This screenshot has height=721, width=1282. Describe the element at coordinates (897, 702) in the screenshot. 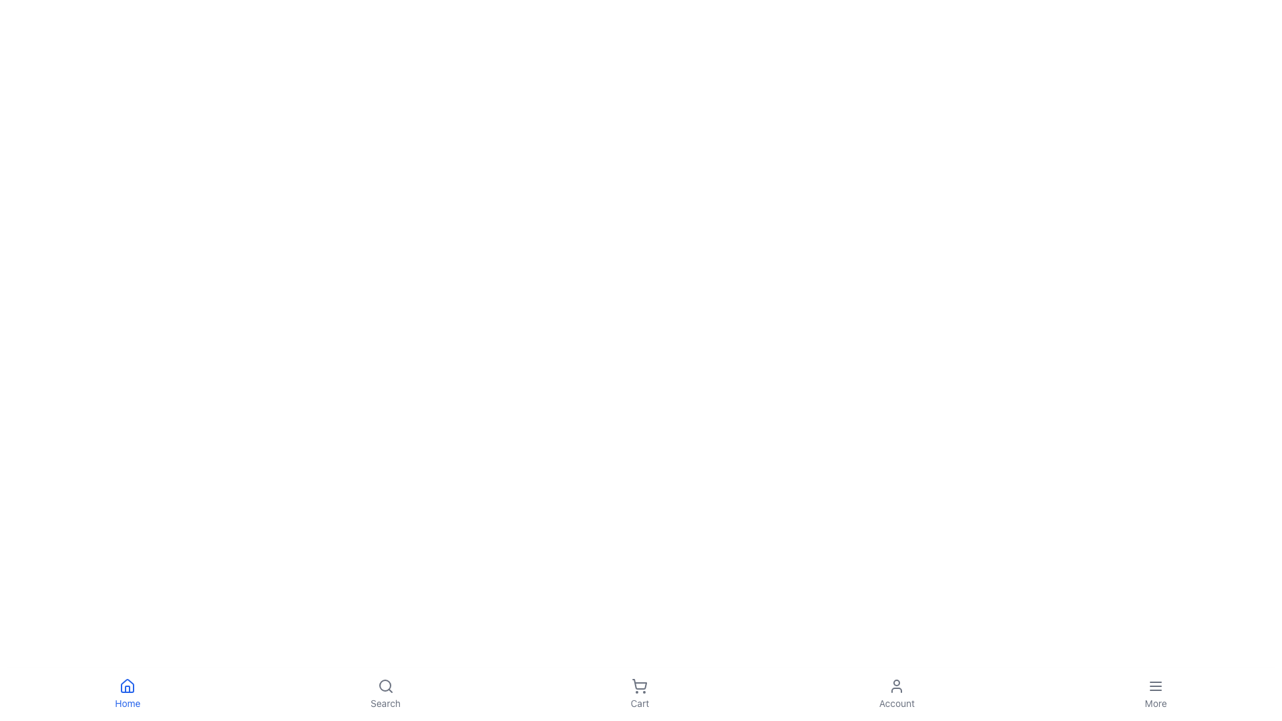

I see `the 'Account' text label, which is a non-interactive element styled in gray and located beneath the user icon in the bottom navigation bar` at that location.